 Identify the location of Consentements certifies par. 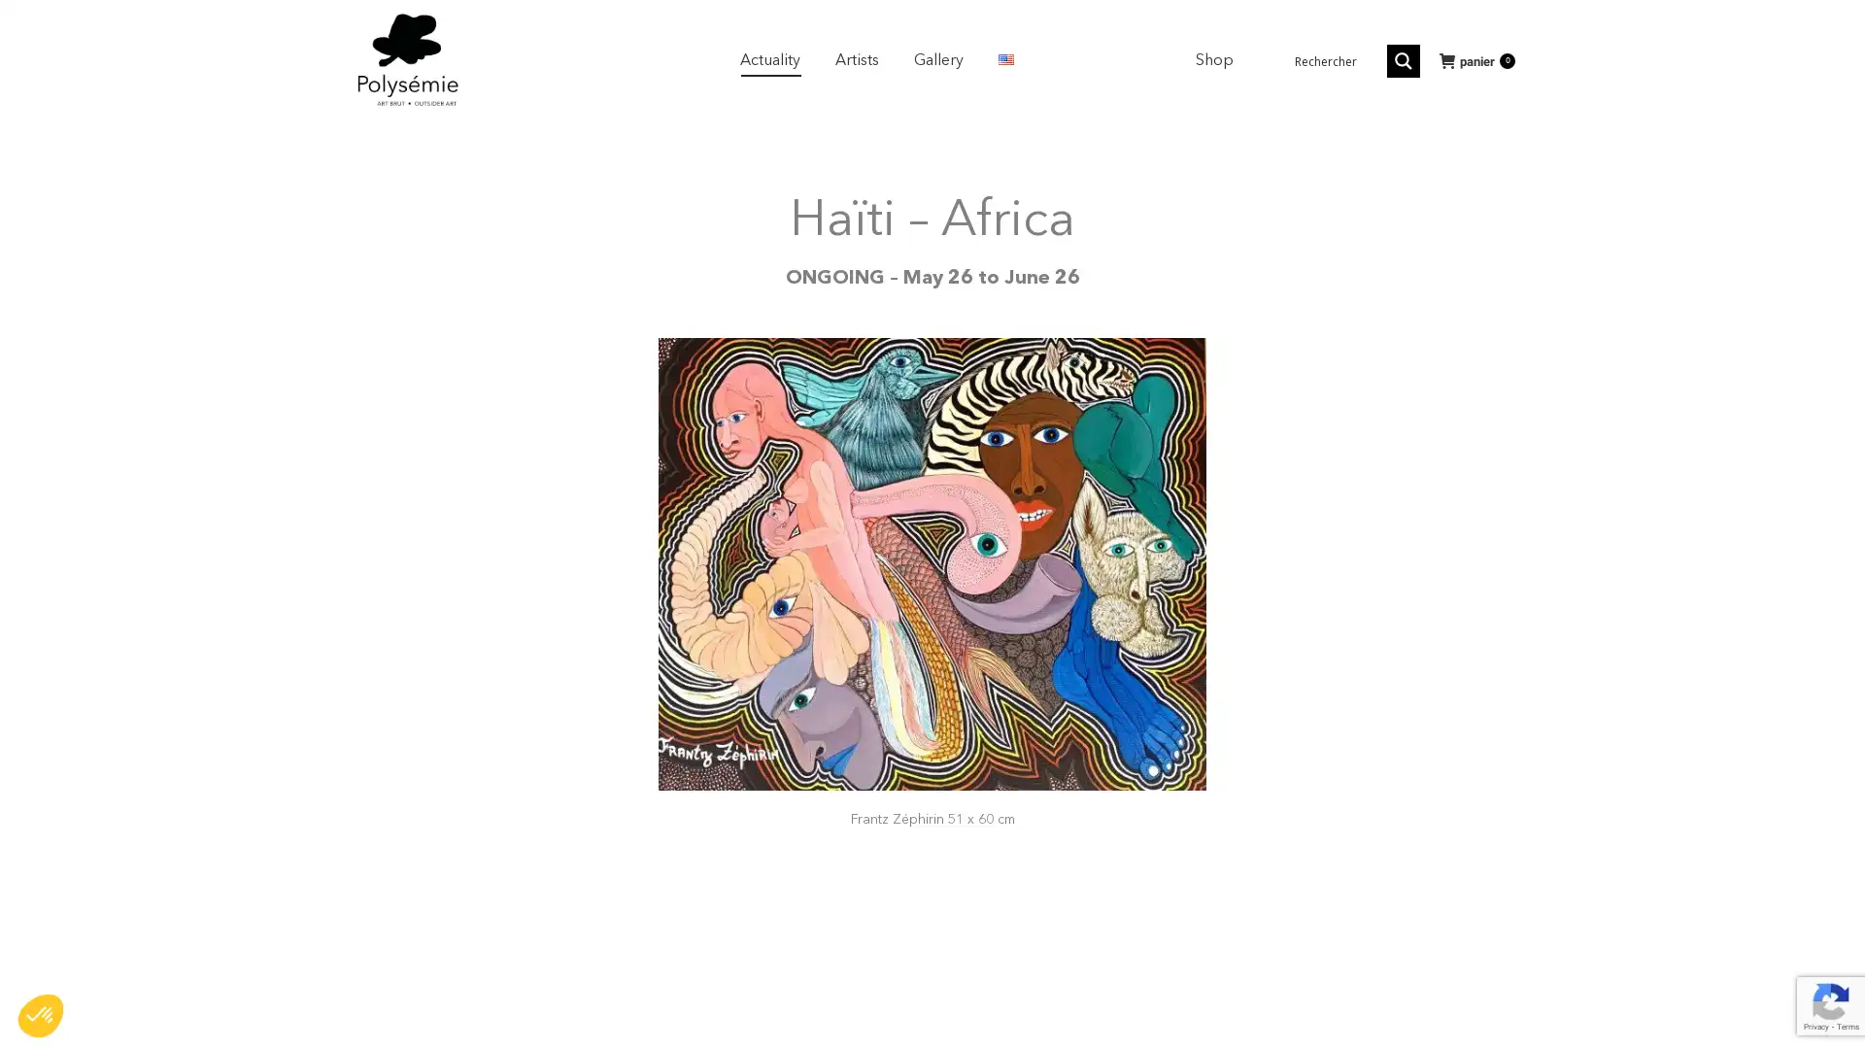
(222, 917).